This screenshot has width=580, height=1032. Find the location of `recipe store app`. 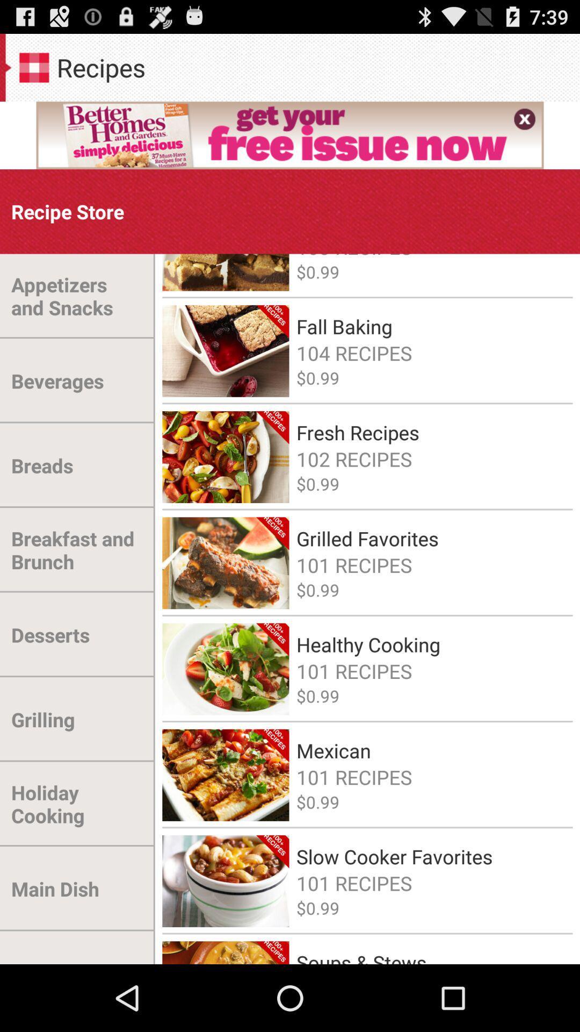

recipe store app is located at coordinates (68, 211).